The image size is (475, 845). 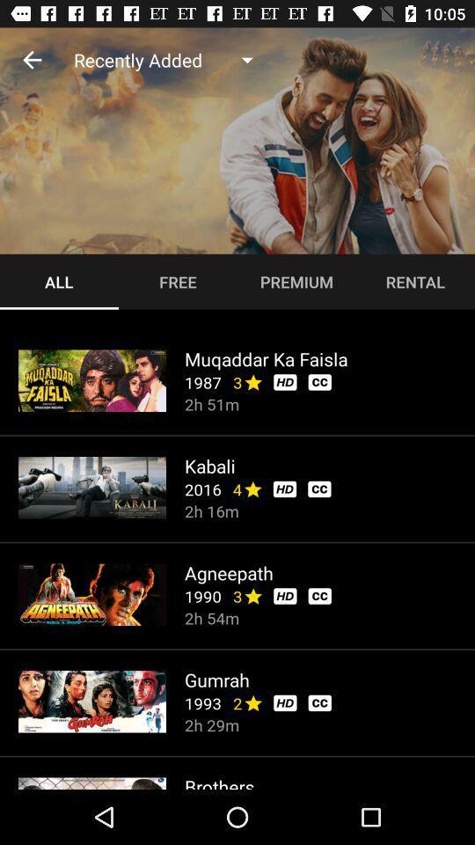 I want to click on premium, so click(x=296, y=282).